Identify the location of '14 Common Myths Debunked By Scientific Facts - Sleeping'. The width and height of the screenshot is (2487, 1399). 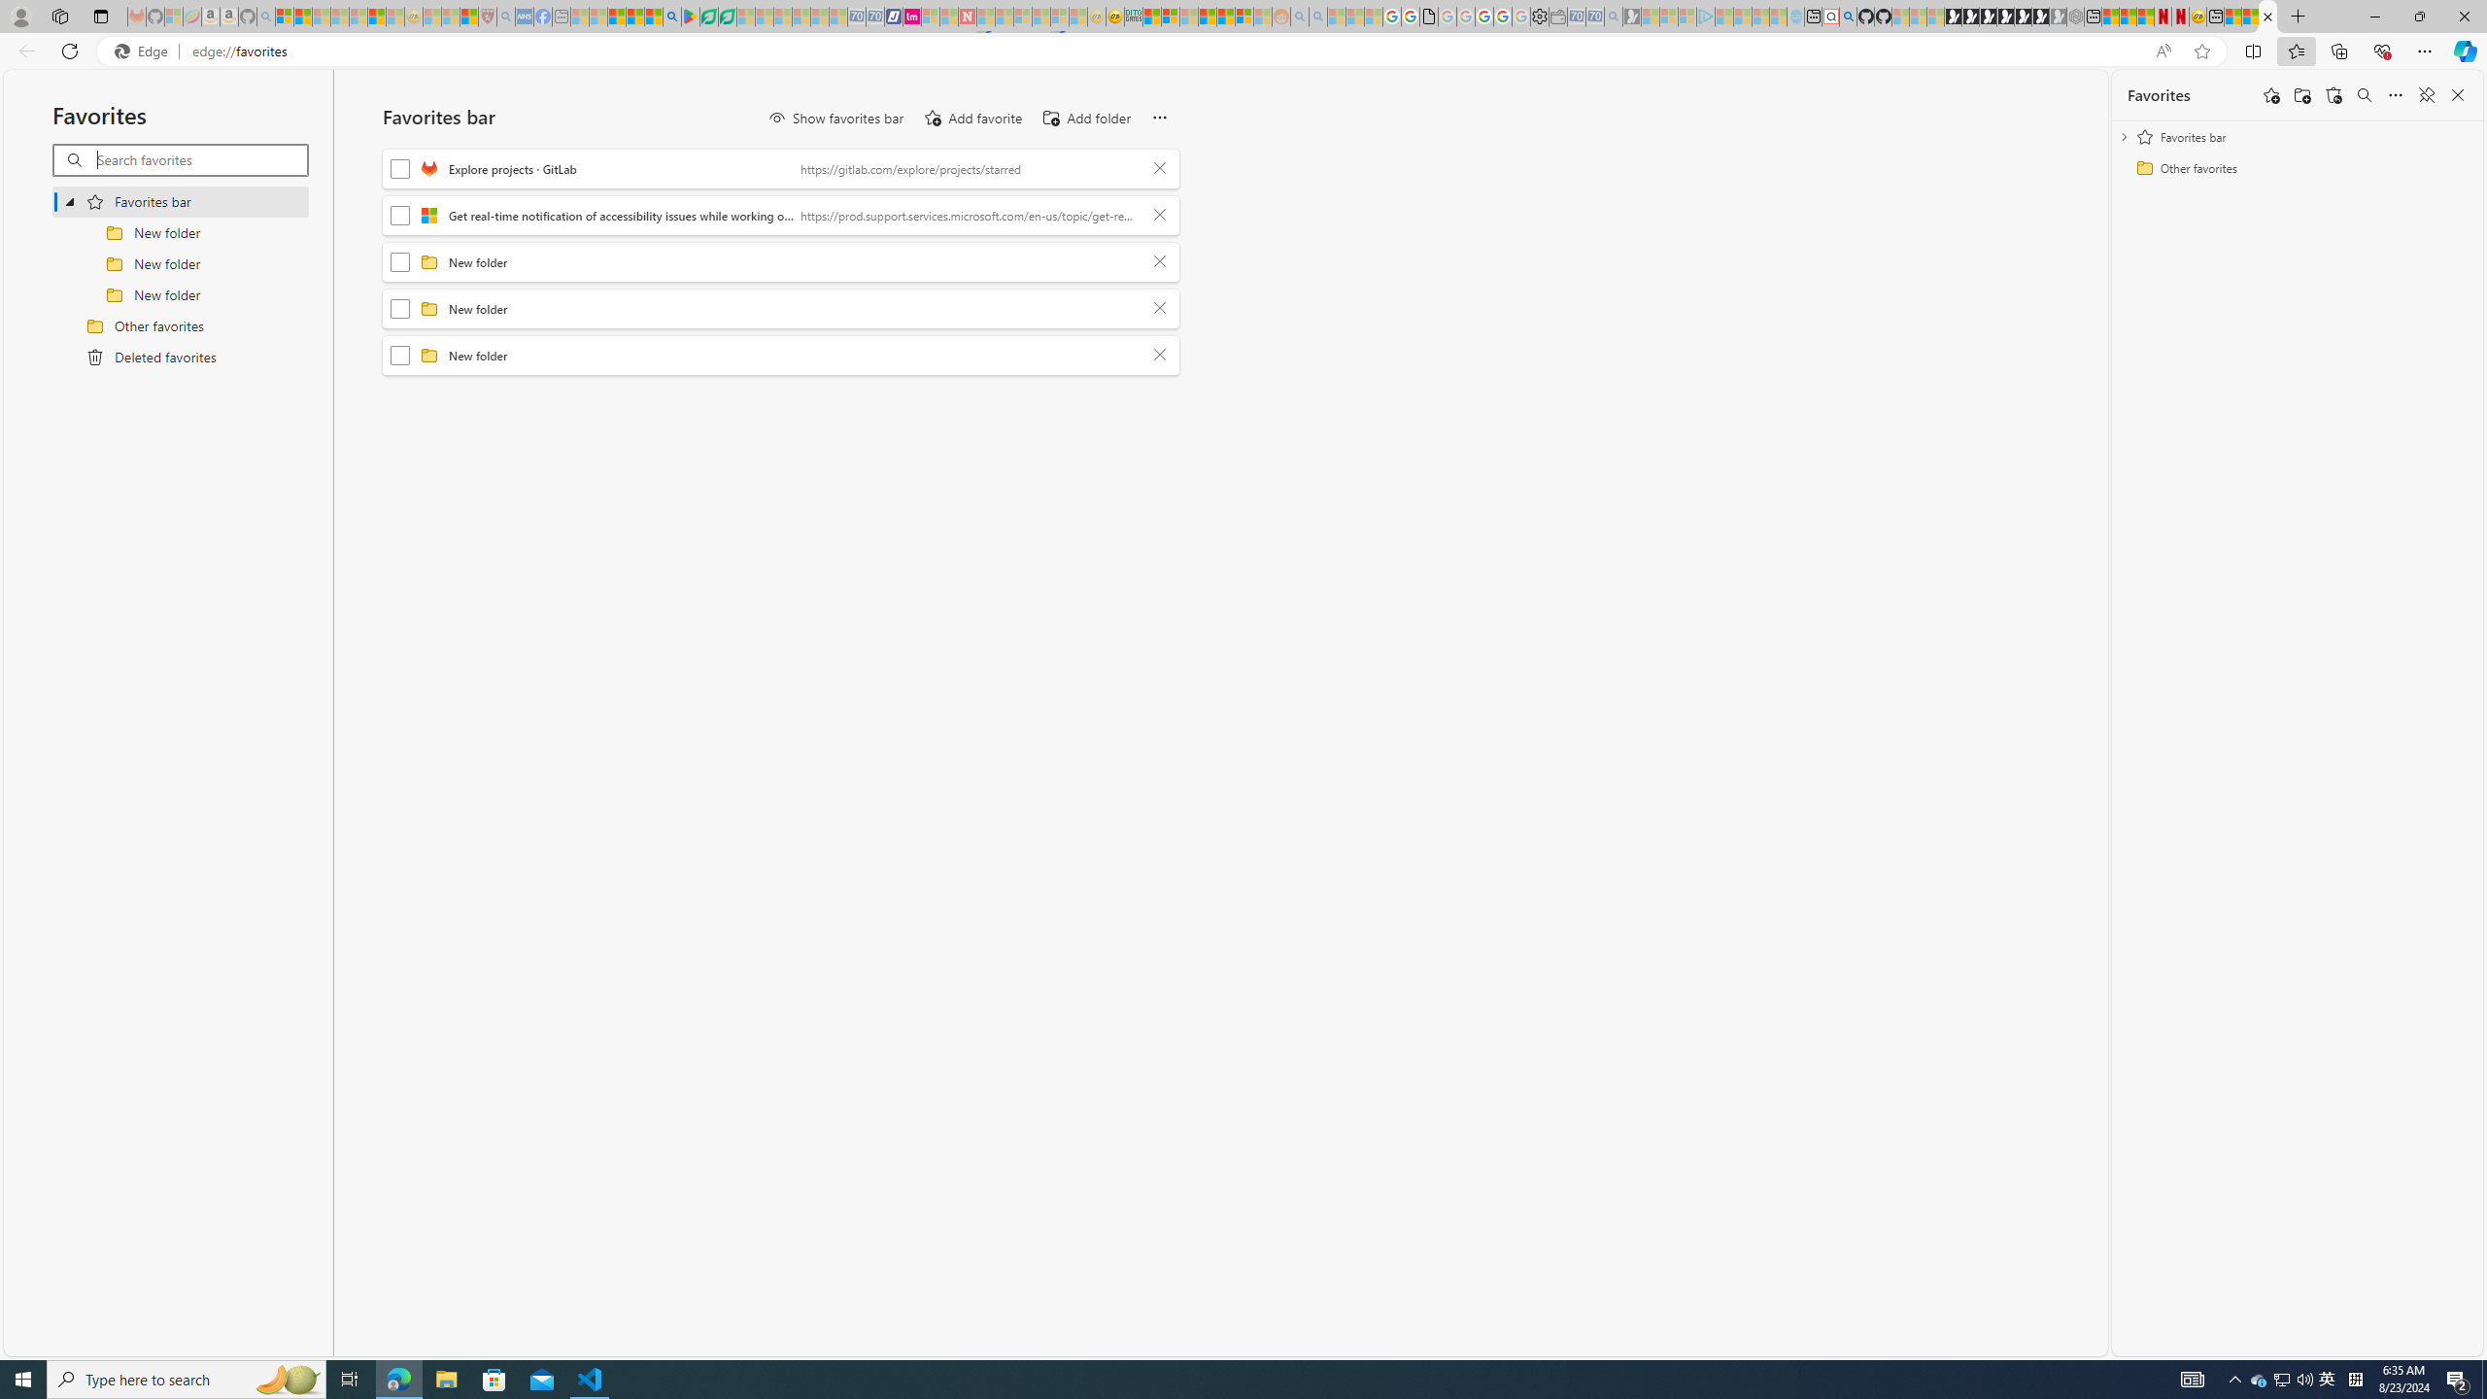
(1005, 16).